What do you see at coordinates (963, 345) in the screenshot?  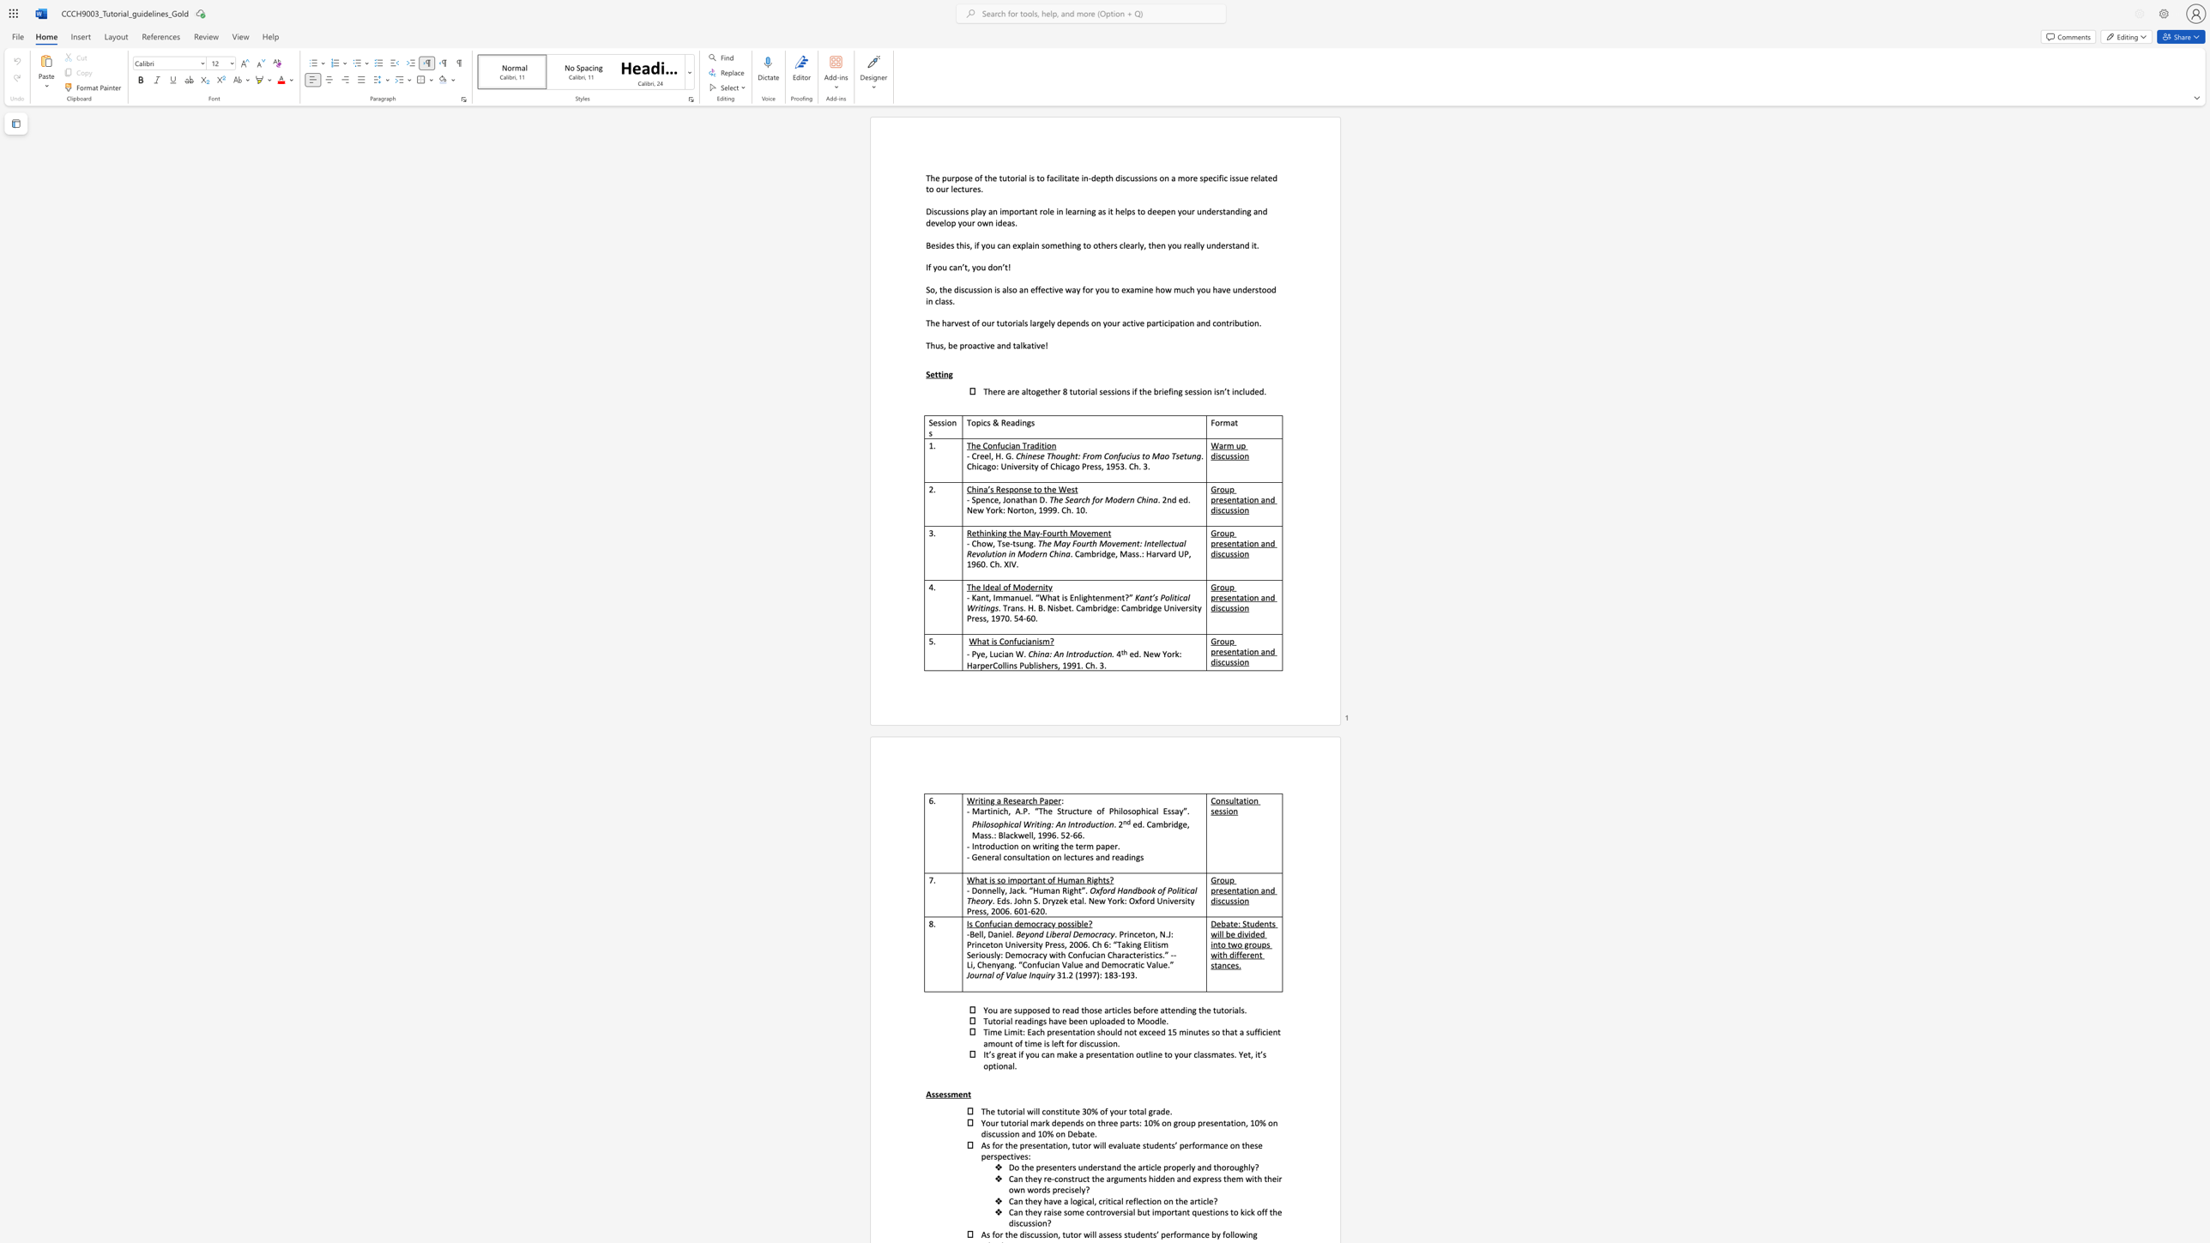 I see `the subset text "ro" within the text "Thus, be proactive and talkative!"` at bounding box center [963, 345].